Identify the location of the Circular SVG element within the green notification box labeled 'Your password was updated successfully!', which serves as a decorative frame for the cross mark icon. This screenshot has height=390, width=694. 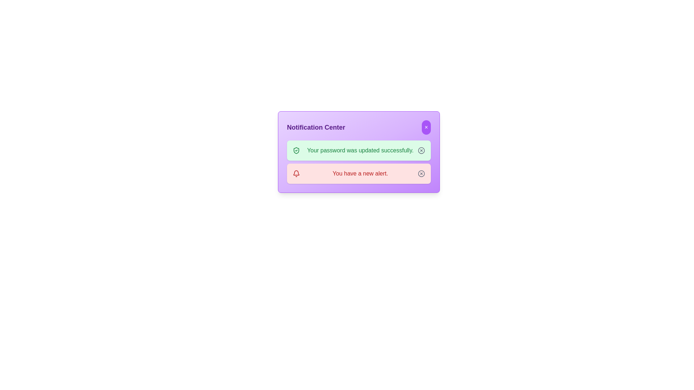
(421, 150).